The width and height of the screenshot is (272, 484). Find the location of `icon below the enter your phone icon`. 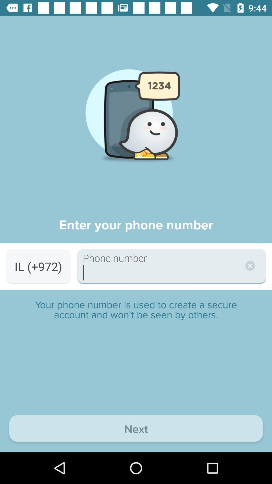

icon below the enter your phone icon is located at coordinates (38, 266).